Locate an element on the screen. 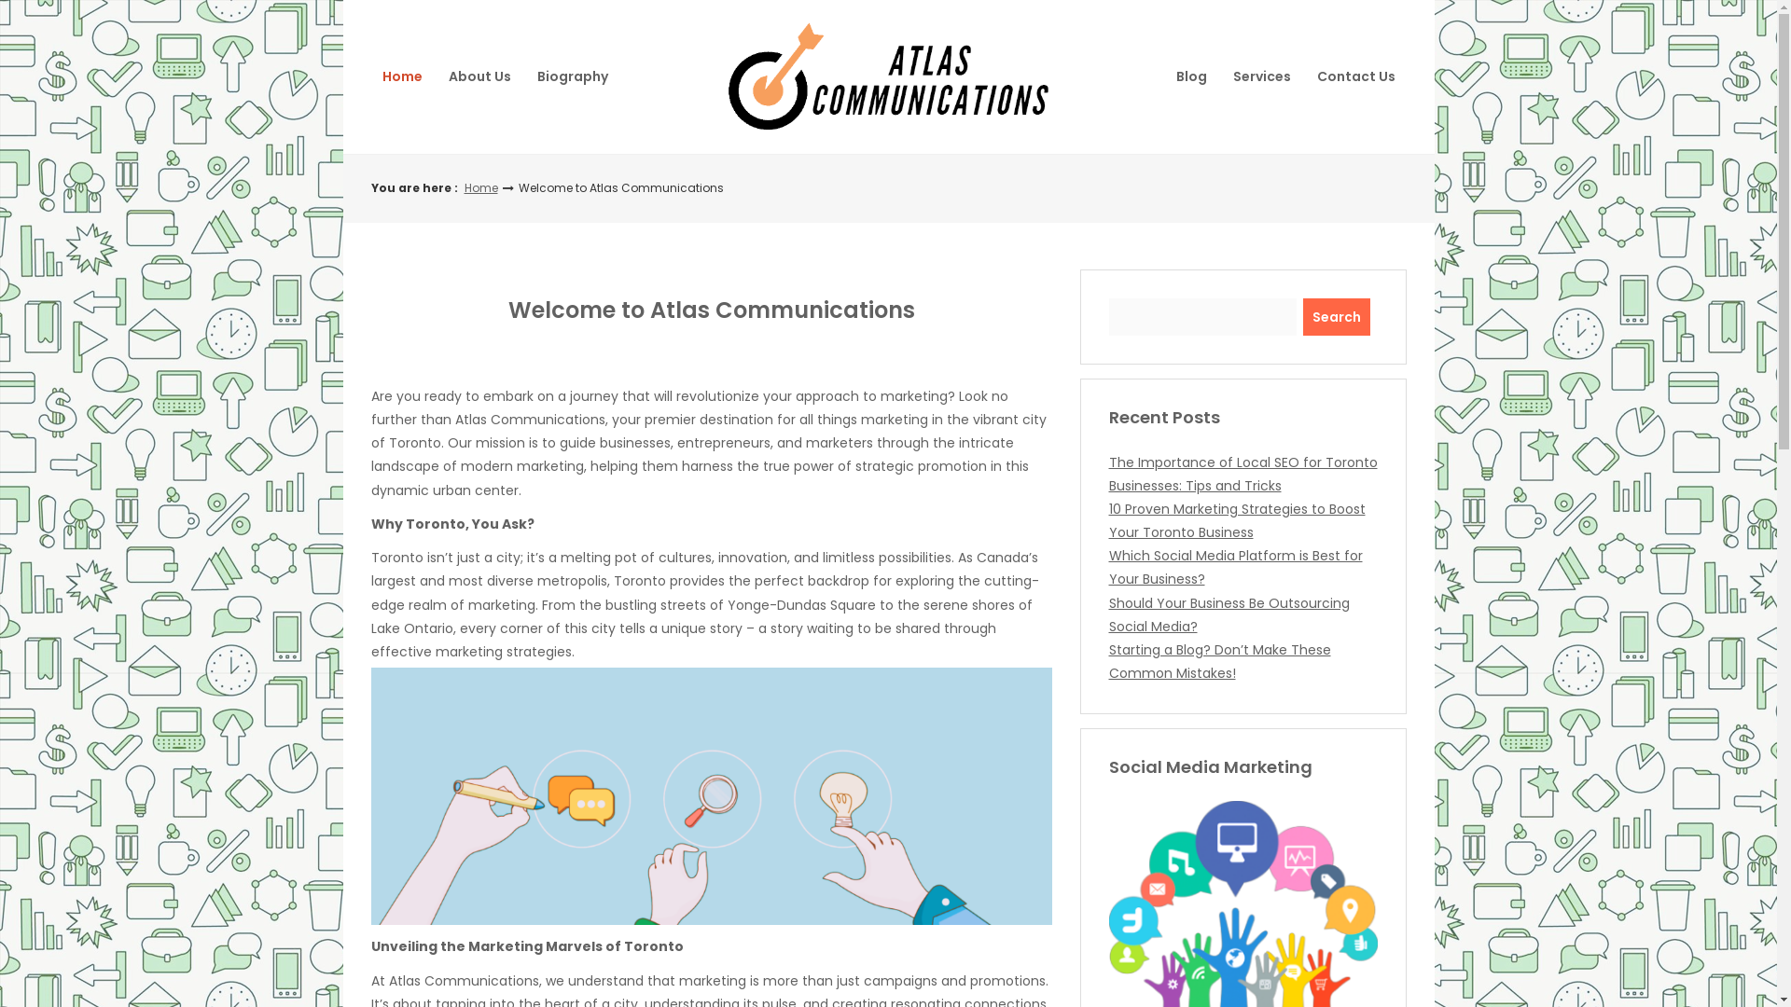 This screenshot has width=1791, height=1007. 'Services' is located at coordinates (1222, 76).